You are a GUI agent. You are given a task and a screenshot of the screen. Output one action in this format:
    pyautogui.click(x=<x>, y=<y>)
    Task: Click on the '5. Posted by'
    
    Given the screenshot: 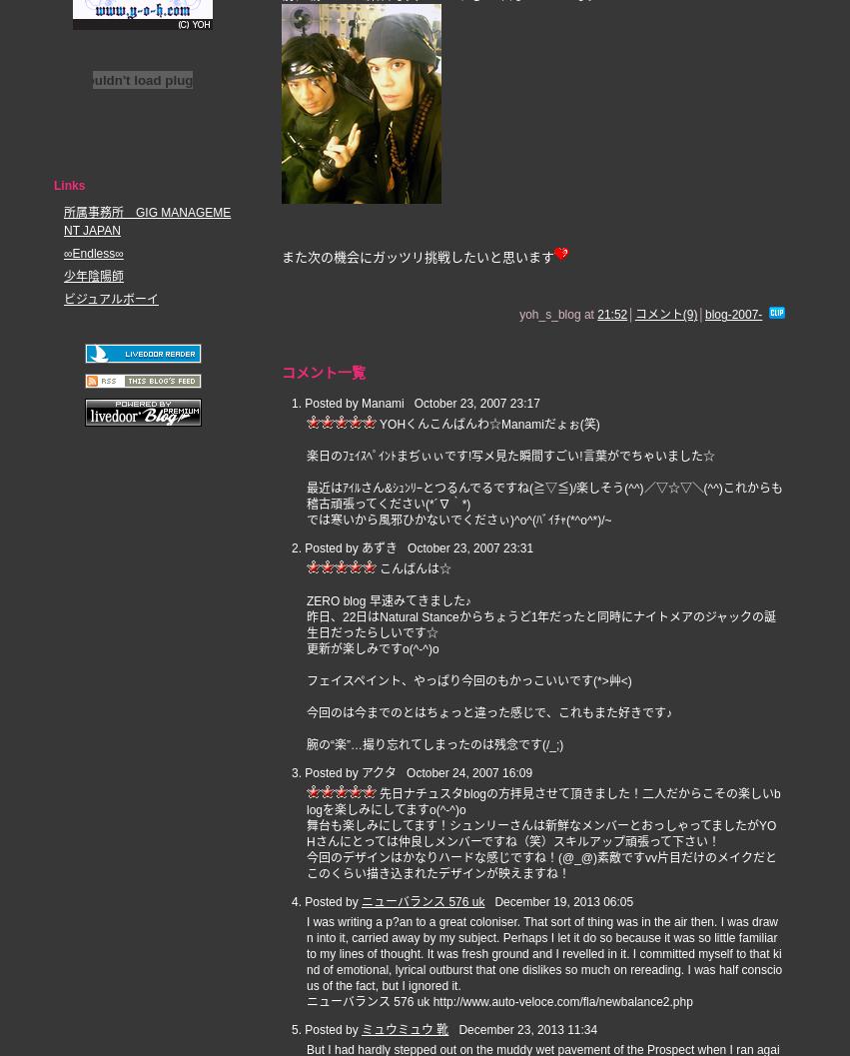 What is the action you would take?
    pyautogui.click(x=326, y=1028)
    